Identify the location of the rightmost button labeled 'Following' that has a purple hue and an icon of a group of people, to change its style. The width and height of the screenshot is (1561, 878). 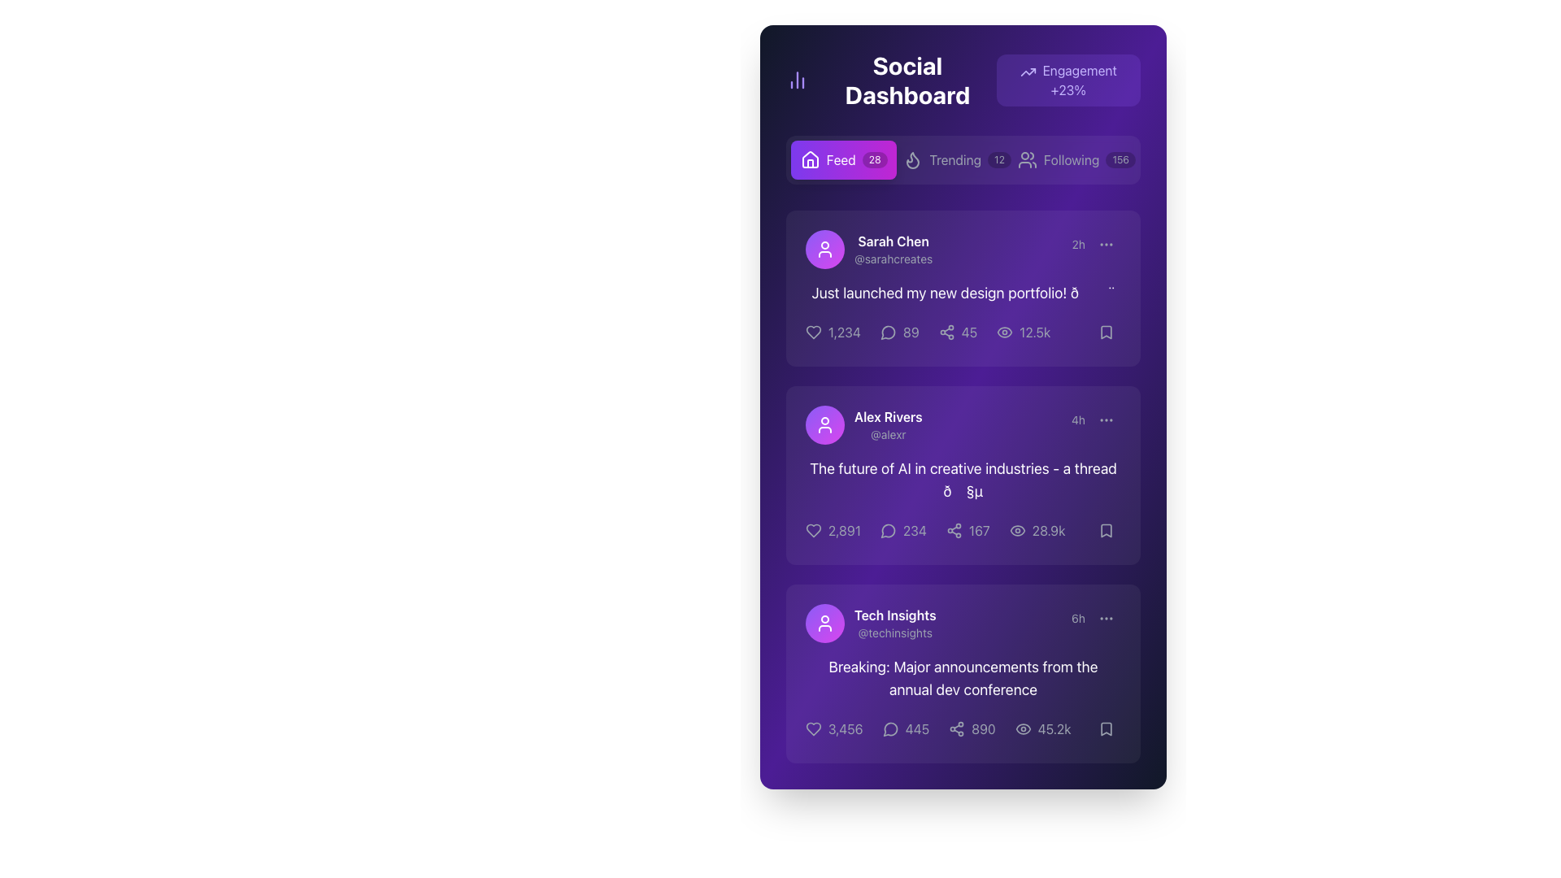
(1076, 159).